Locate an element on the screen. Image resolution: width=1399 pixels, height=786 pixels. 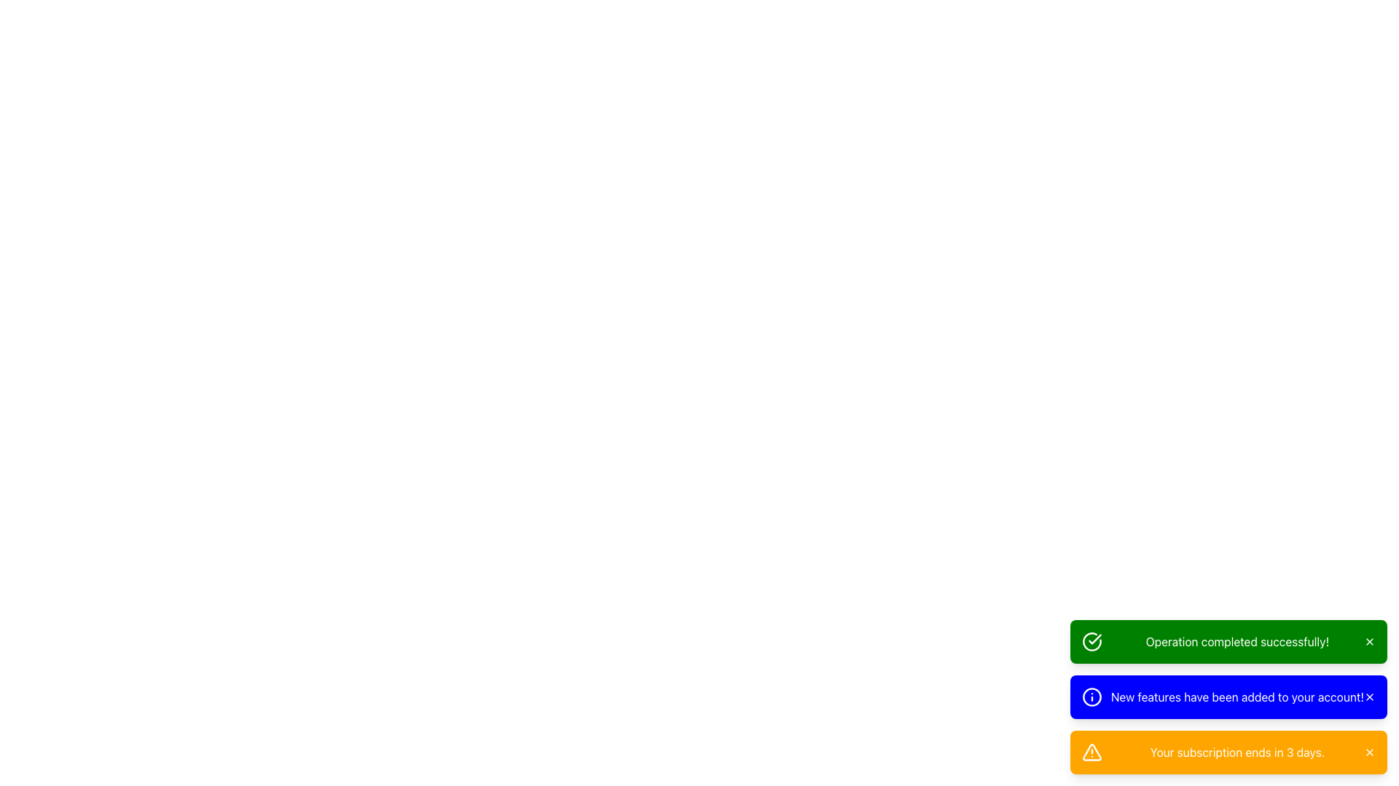
the close button located in the top-right corner of the notification box that displays the text 'Your subscription ends in 3 days.' is located at coordinates (1369, 752).